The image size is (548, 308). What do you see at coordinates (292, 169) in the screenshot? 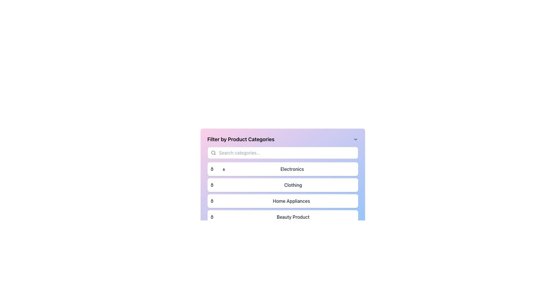
I see `on the 'Electronics' text located in the second row of the category options, which is styled in medium font and dark gray color` at bounding box center [292, 169].